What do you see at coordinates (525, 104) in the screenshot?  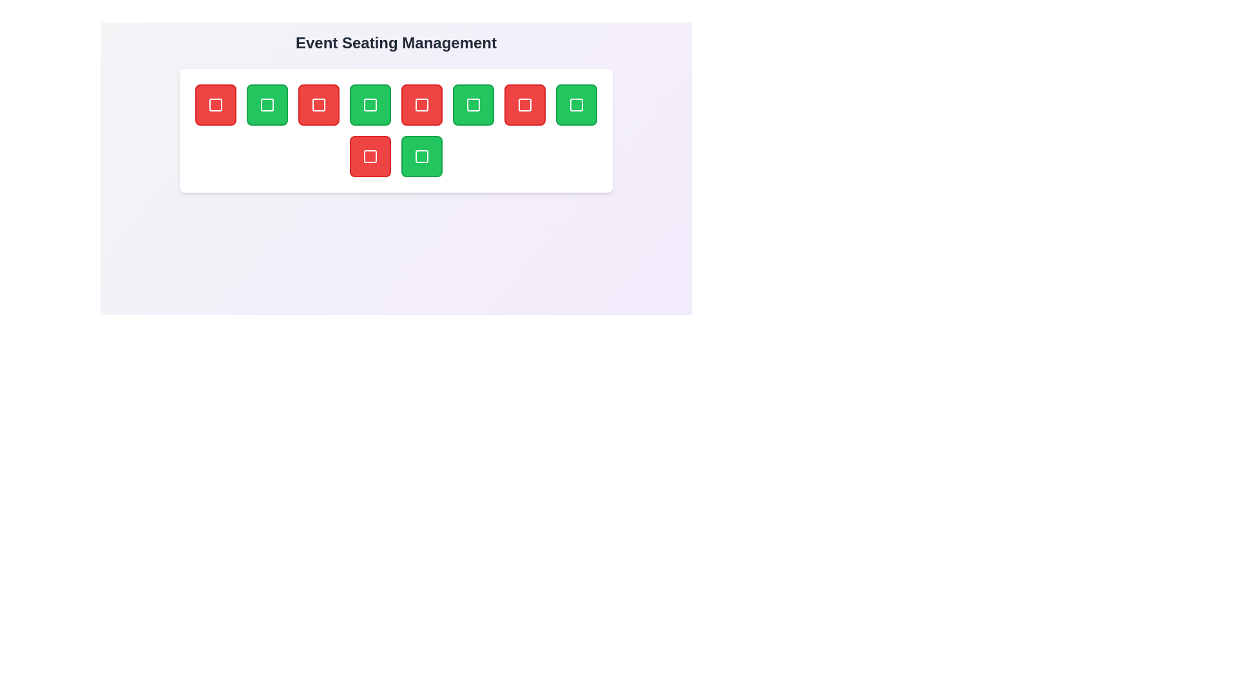 I see `the selectable seat button located in the first row, seventh from the left in the seating management application` at bounding box center [525, 104].